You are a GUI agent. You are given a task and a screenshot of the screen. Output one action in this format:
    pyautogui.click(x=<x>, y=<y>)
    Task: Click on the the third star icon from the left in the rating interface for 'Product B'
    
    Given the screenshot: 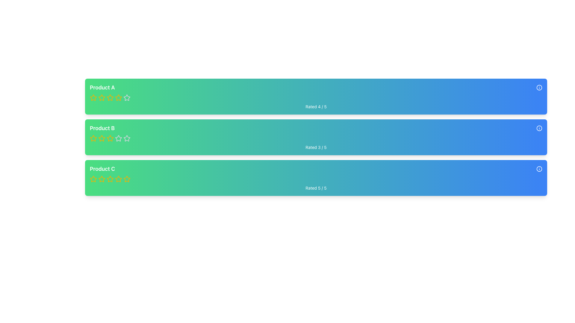 What is the action you would take?
    pyautogui.click(x=118, y=138)
    